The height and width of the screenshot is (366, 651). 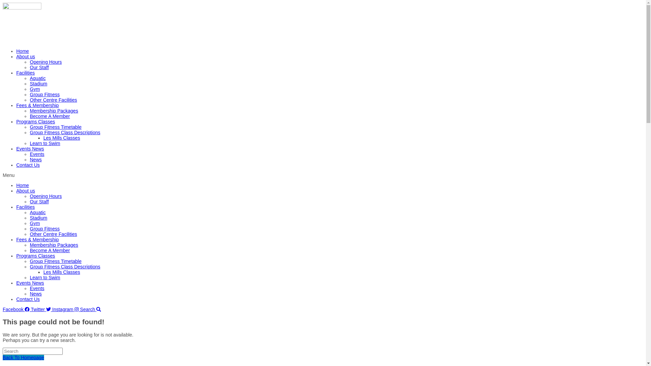 I want to click on 'Learn to Swim', so click(x=44, y=143).